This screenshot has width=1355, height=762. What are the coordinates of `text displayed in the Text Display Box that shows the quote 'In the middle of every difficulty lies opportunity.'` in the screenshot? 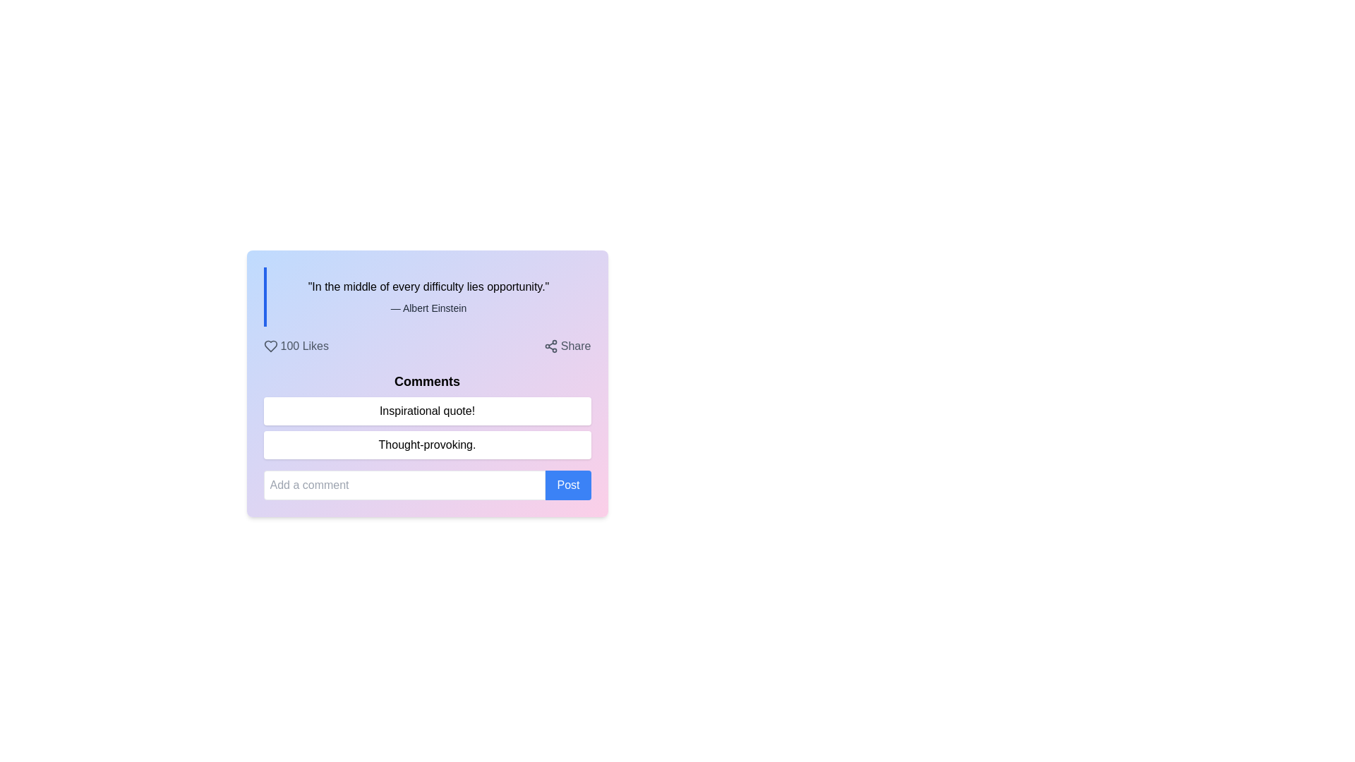 It's located at (426, 296).